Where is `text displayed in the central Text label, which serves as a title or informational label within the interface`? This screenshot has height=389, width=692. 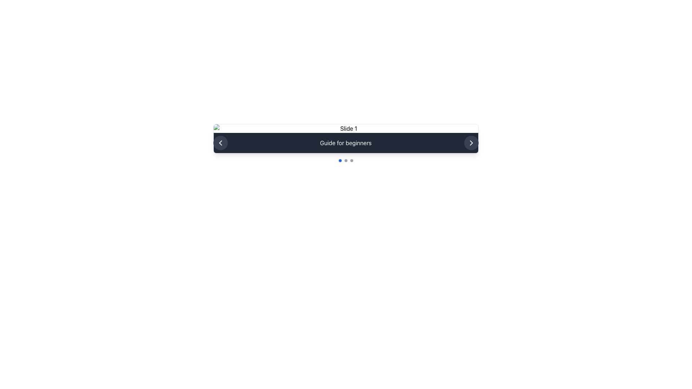
text displayed in the central Text label, which serves as a title or informational label within the interface is located at coordinates (345, 143).